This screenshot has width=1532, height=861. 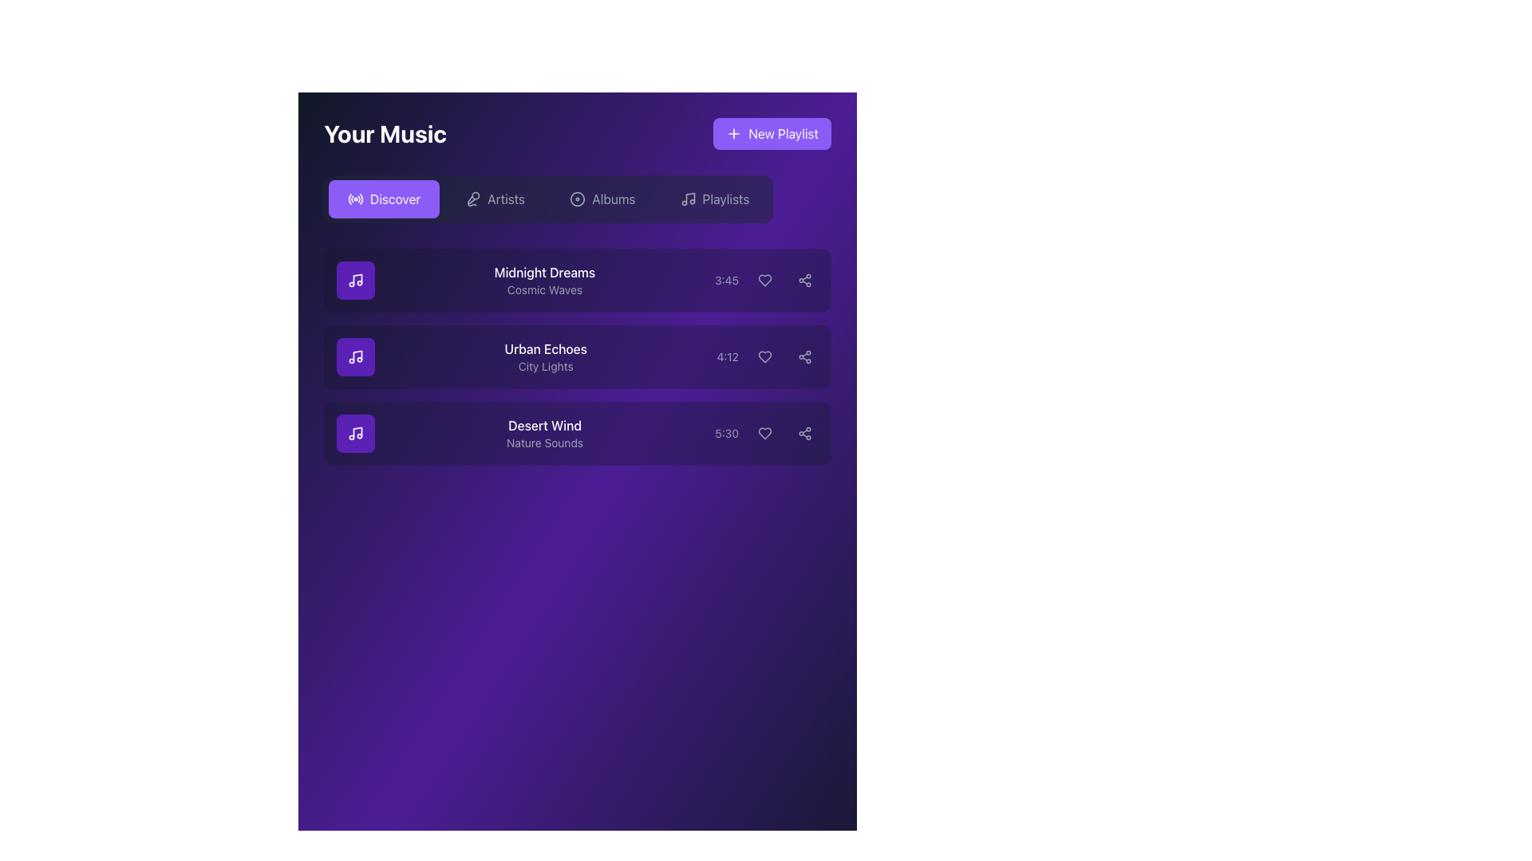 I want to click on the circular share button, represented by three dots connected by lines, located to the right of the song title 'Desert Wind', so click(x=804, y=433).